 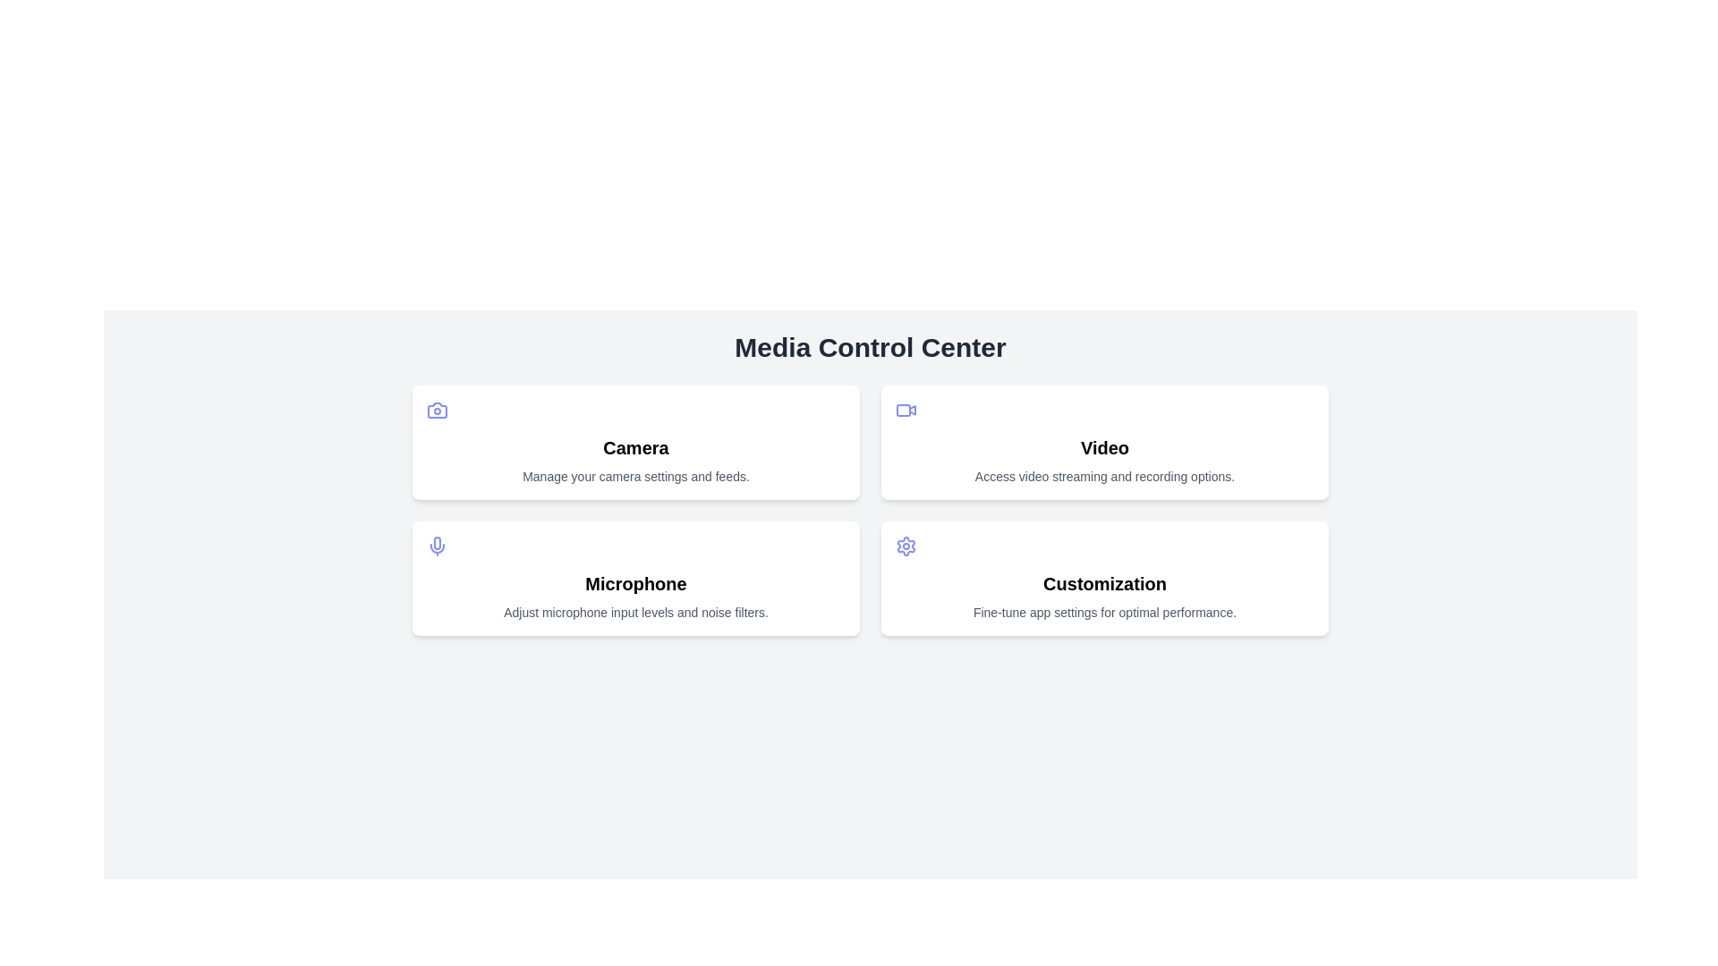 What do you see at coordinates (635, 612) in the screenshot?
I see `the gray text stating 'Adjust microphone input levels and noise filters.' located at the bottom of the 'Microphone' card` at bounding box center [635, 612].